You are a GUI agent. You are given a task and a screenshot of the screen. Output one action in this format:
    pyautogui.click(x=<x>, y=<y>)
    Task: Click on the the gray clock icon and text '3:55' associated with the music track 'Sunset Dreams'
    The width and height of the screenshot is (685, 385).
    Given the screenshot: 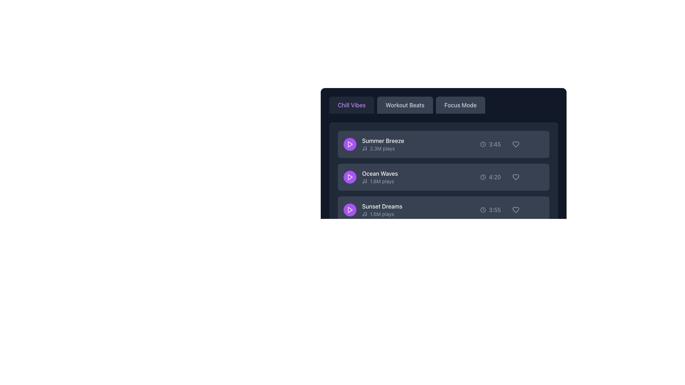 What is the action you would take?
    pyautogui.click(x=490, y=210)
    